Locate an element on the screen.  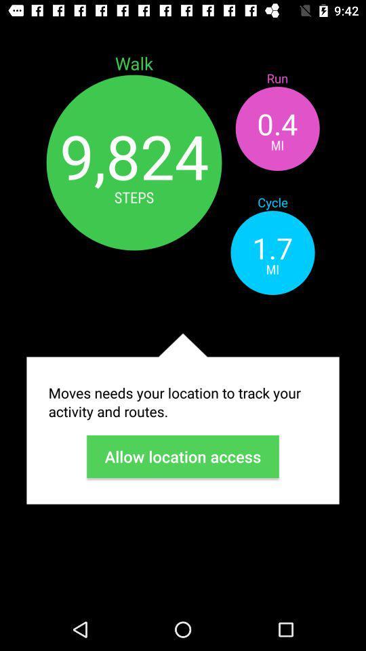
the item below mi app is located at coordinates (183, 402).